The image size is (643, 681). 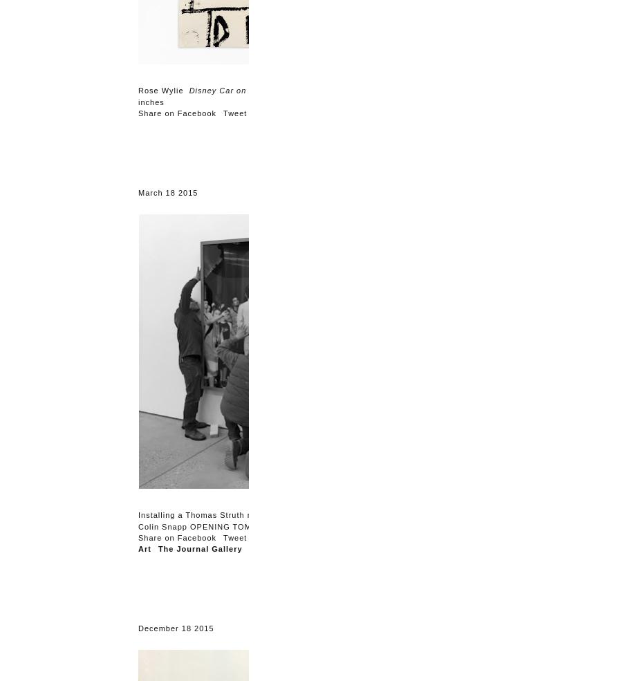 I want to click on 'Rose Wylie', so click(x=138, y=91).